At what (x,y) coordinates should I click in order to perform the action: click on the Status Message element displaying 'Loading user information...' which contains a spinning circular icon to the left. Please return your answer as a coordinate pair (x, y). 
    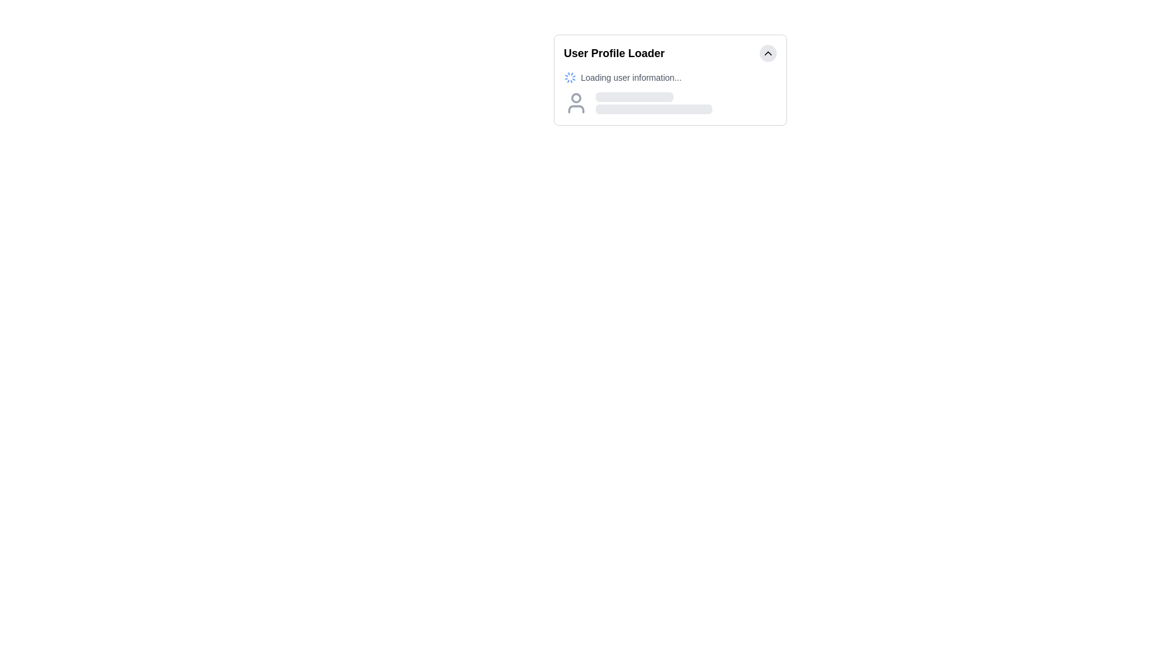
    Looking at the image, I should click on (669, 77).